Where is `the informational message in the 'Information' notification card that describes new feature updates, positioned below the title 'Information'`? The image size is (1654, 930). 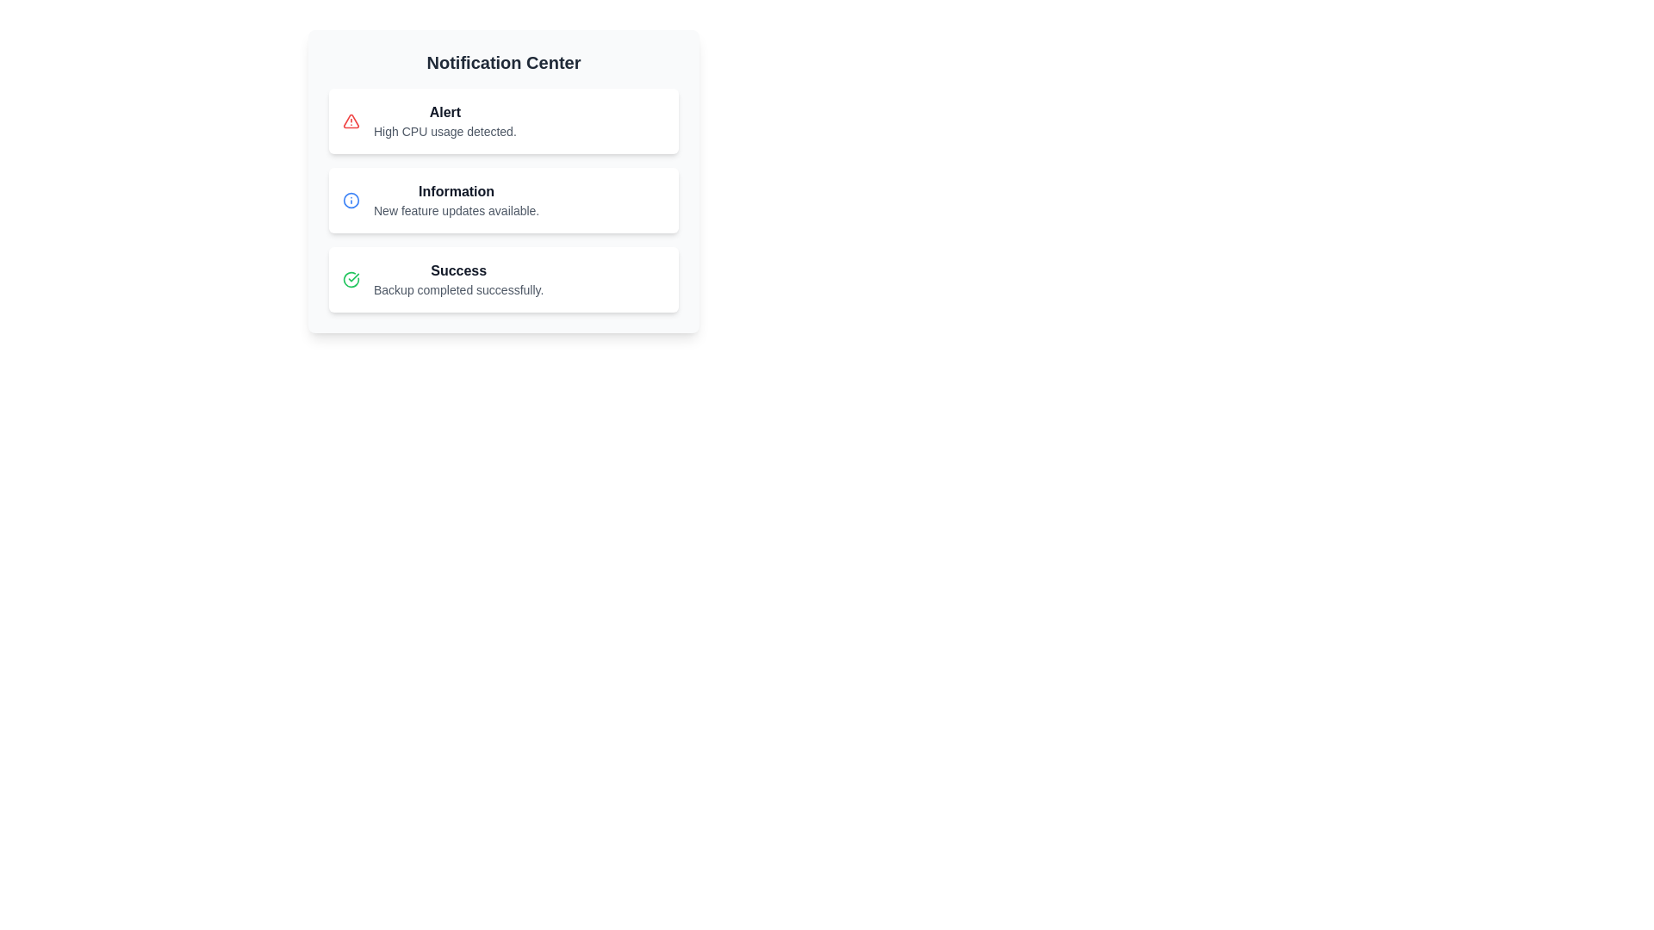 the informational message in the 'Information' notification card that describes new feature updates, positioned below the title 'Information' is located at coordinates (457, 210).